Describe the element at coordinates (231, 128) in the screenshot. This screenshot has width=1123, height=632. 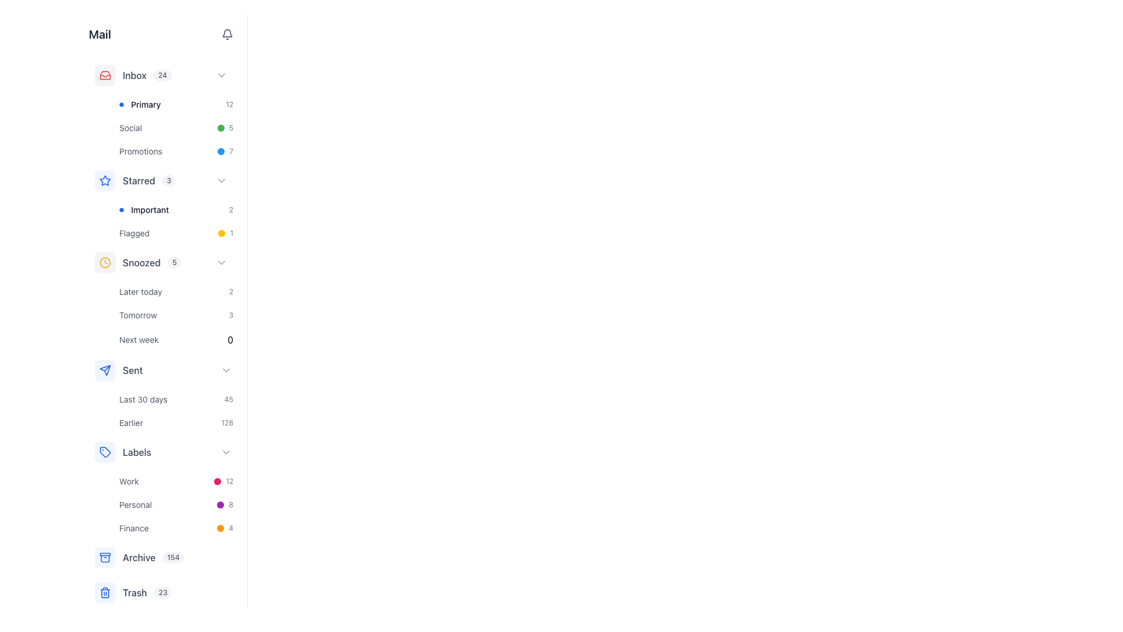
I see `value displayed in the Text label indicating the count of unread messages or notifications for the 'Social' category, located in the left navigation panel next to the green circular icon` at that location.